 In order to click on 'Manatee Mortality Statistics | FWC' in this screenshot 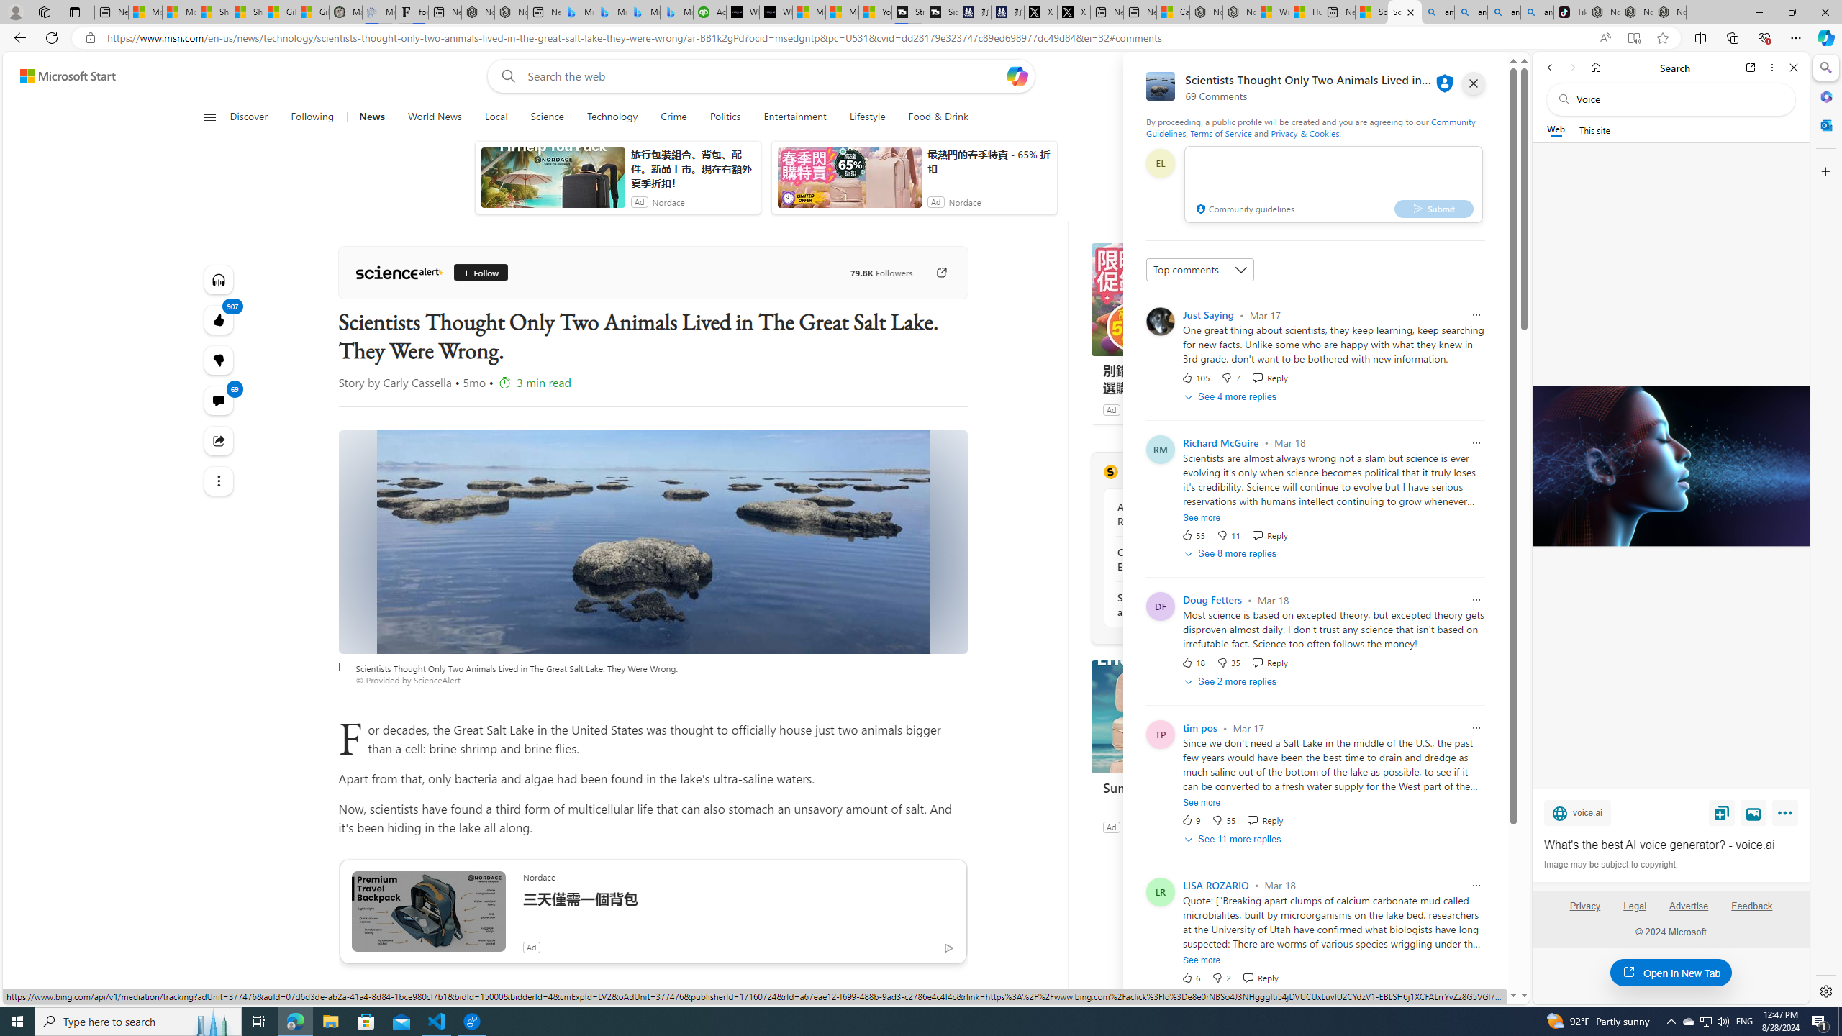, I will do `click(345, 12)`.